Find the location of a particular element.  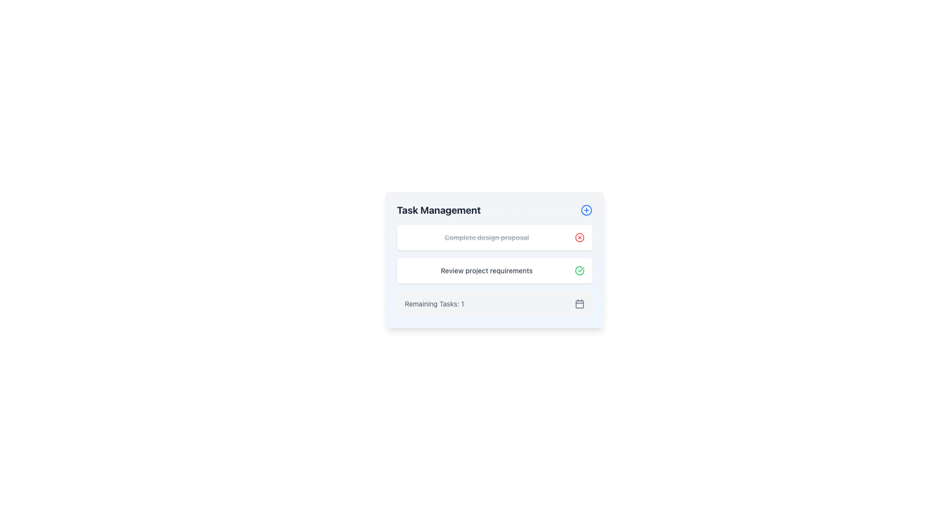

the completed task title text label that is styled with a line-through to indicate it is completed, located in the task management section above the 'Review project requirements' task is located at coordinates (487, 237).